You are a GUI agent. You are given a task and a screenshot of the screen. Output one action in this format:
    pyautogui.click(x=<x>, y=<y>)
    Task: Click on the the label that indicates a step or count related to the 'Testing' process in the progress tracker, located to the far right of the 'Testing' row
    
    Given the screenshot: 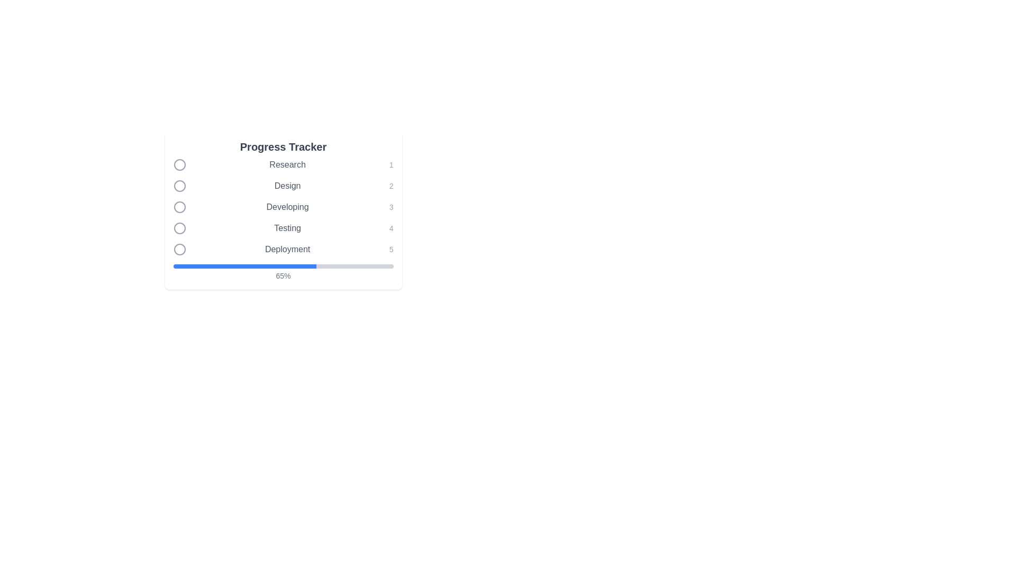 What is the action you would take?
    pyautogui.click(x=391, y=228)
    